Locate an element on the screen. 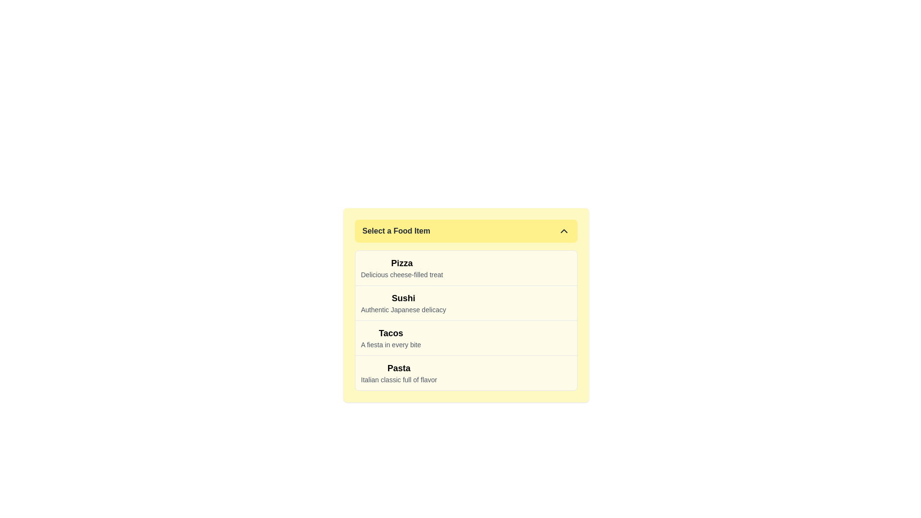 Image resolution: width=921 pixels, height=518 pixels. the 'Tacos' list item is located at coordinates (391, 338).